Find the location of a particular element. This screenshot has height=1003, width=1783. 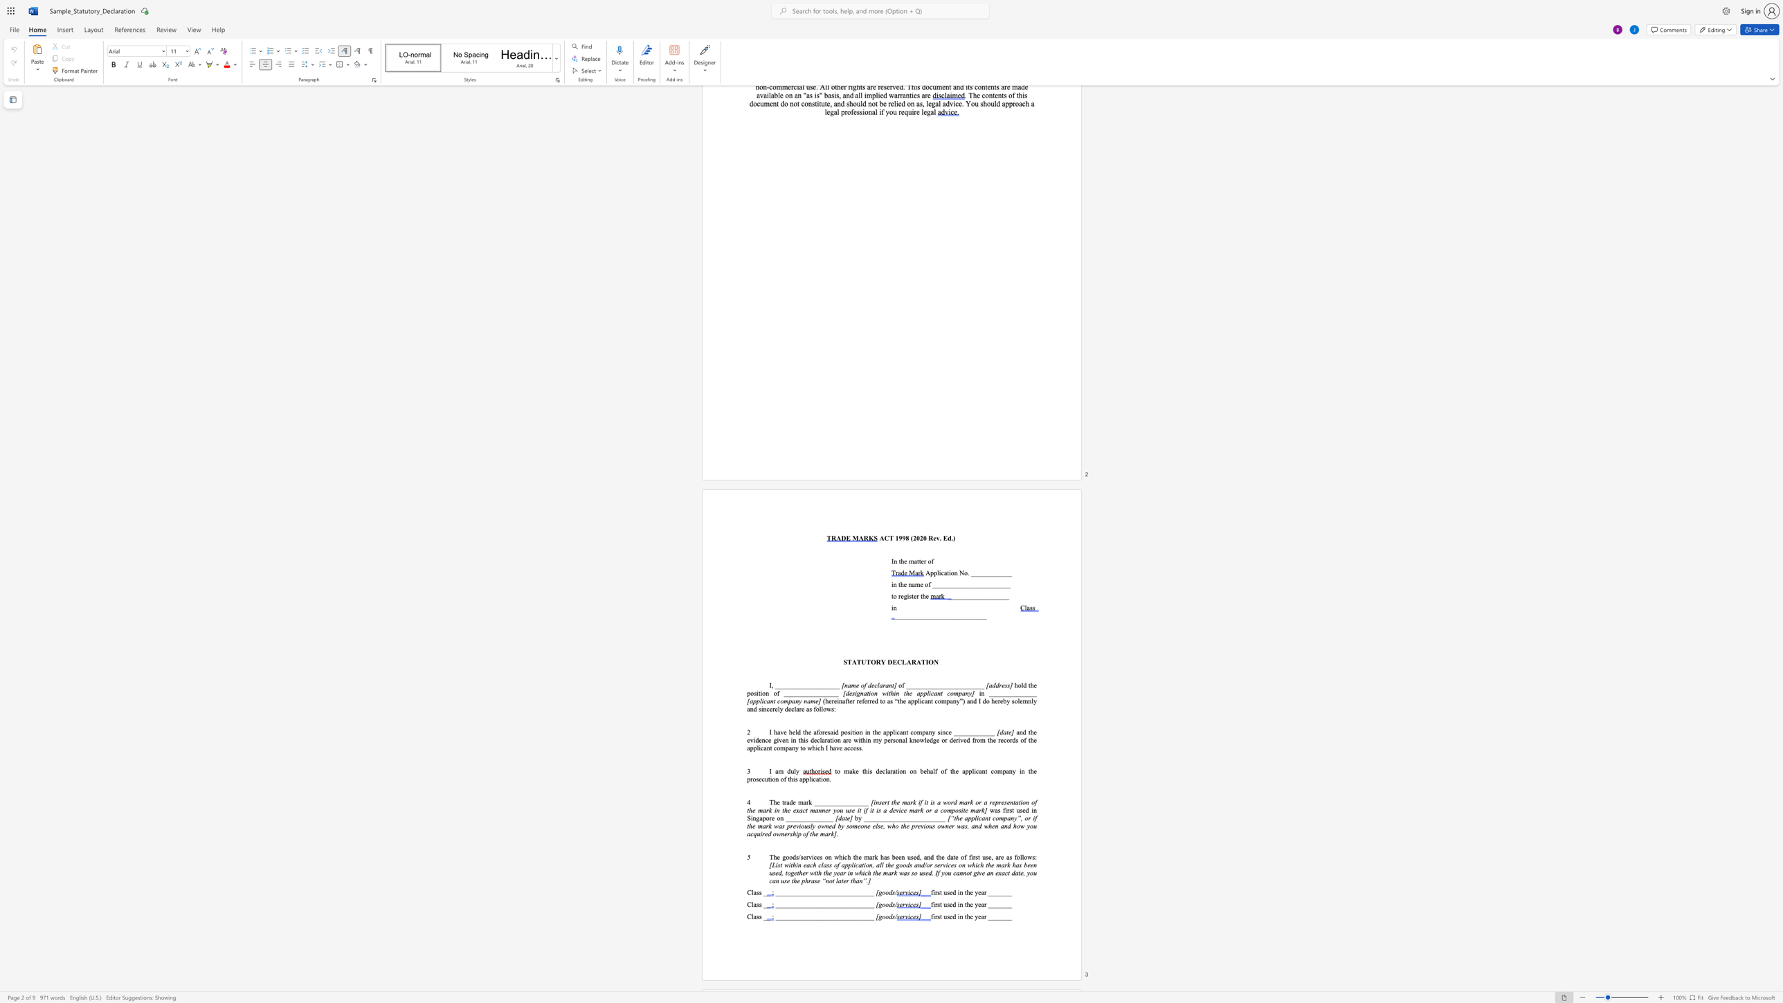

the subset text "_______" within the text "in ______________" is located at coordinates (993, 692).